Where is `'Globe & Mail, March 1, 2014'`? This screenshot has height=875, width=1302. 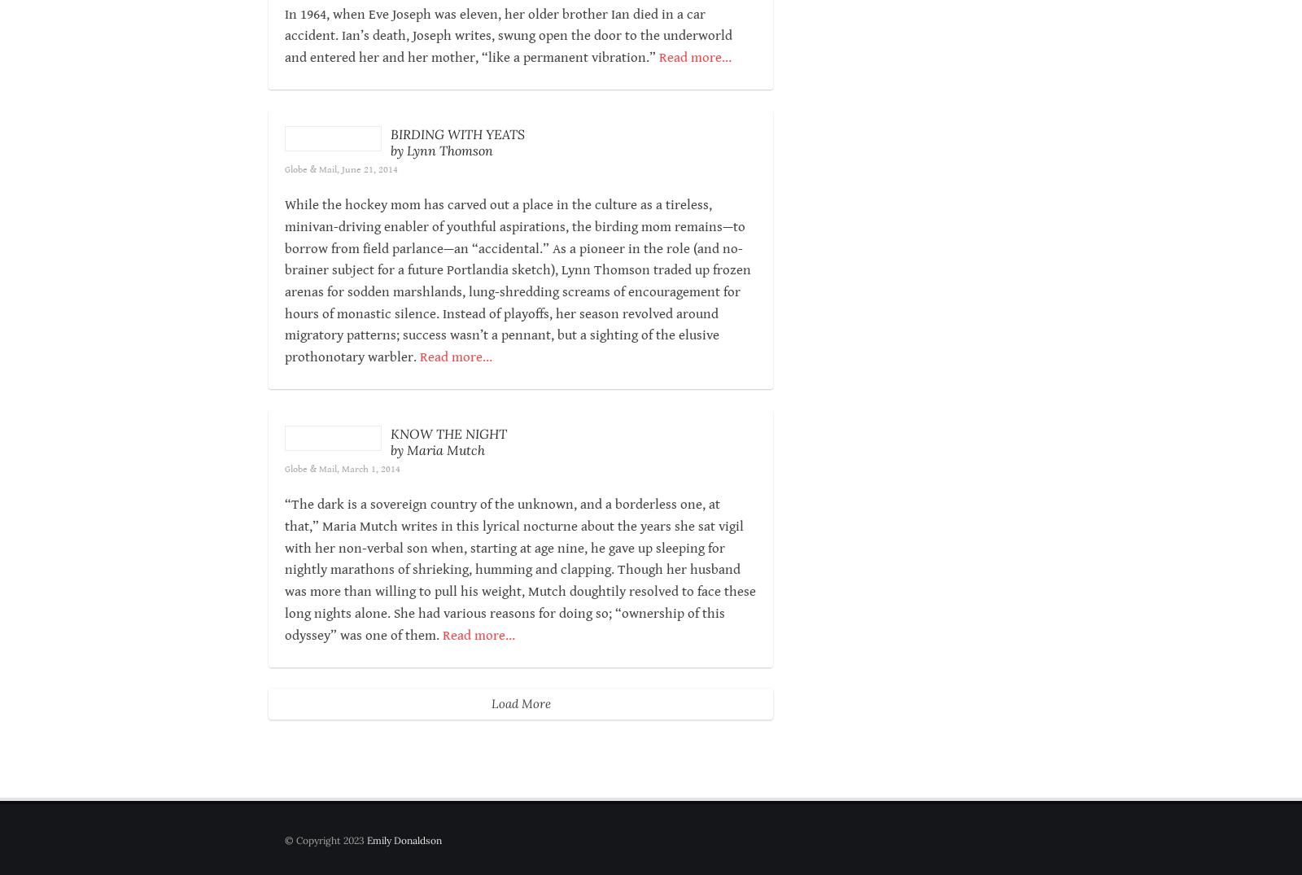 'Globe & Mail, March 1, 2014' is located at coordinates (389, 534).